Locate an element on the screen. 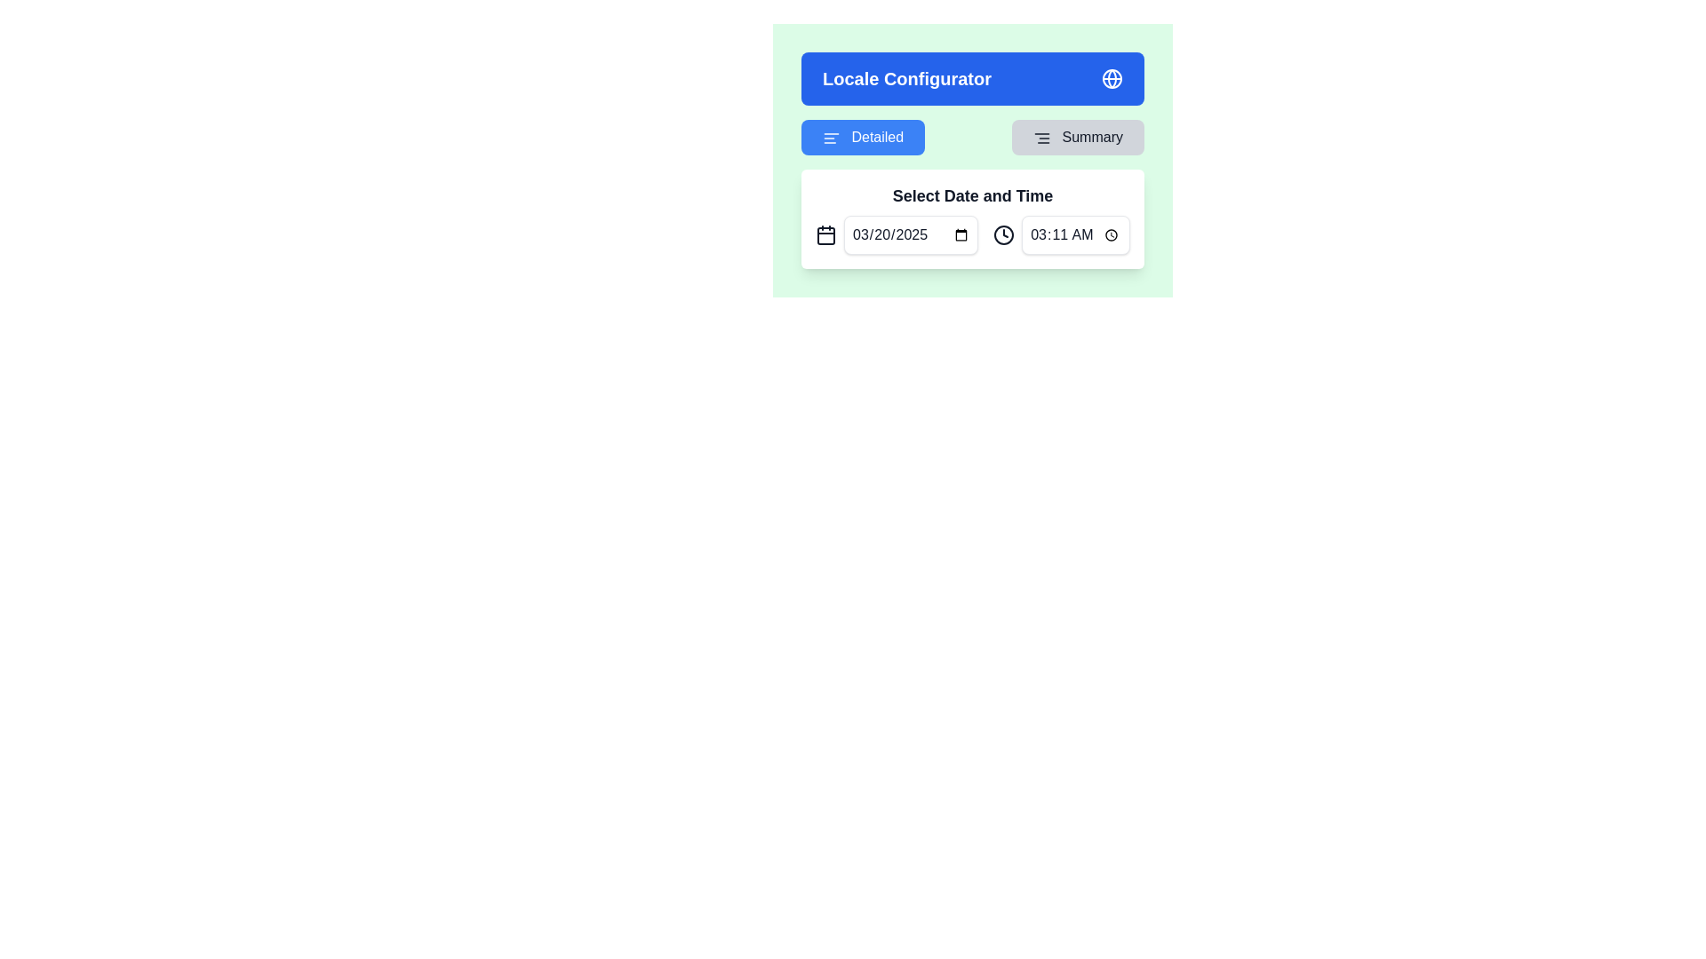 This screenshot has width=1706, height=959. the Time input field displaying '03:11' is located at coordinates (1062, 234).